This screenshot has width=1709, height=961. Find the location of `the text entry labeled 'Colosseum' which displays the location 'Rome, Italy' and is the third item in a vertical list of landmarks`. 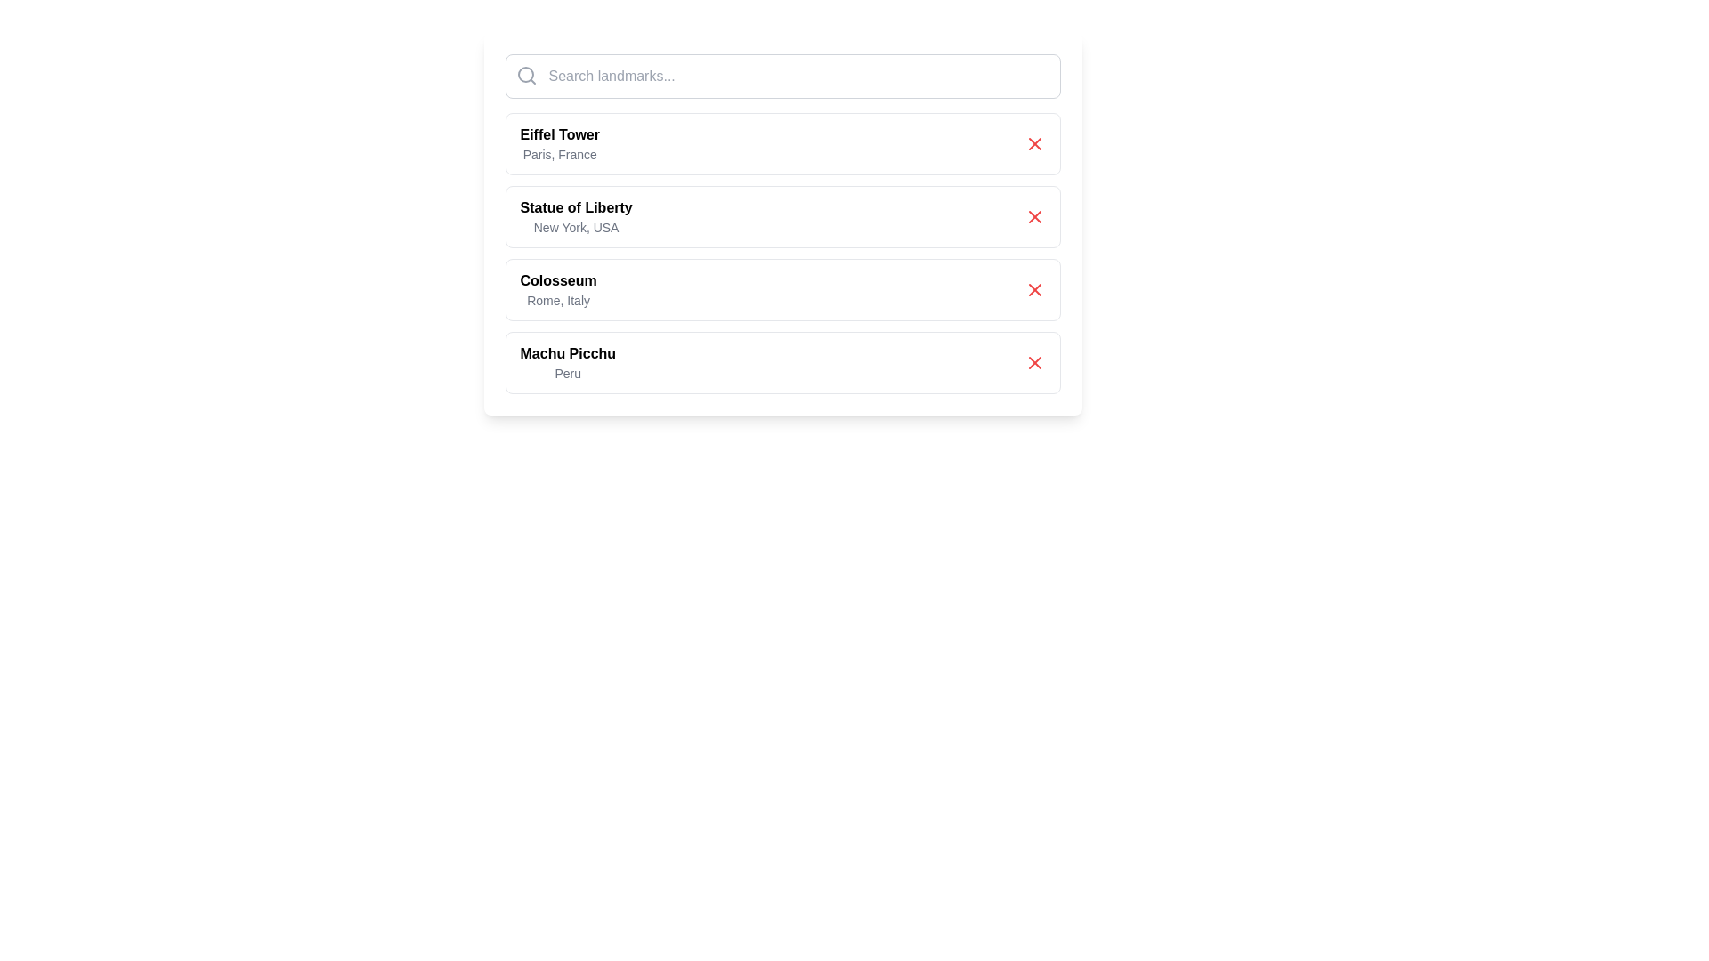

the text entry labeled 'Colosseum' which displays the location 'Rome, Italy' and is the third item in a vertical list of landmarks is located at coordinates (557, 289).